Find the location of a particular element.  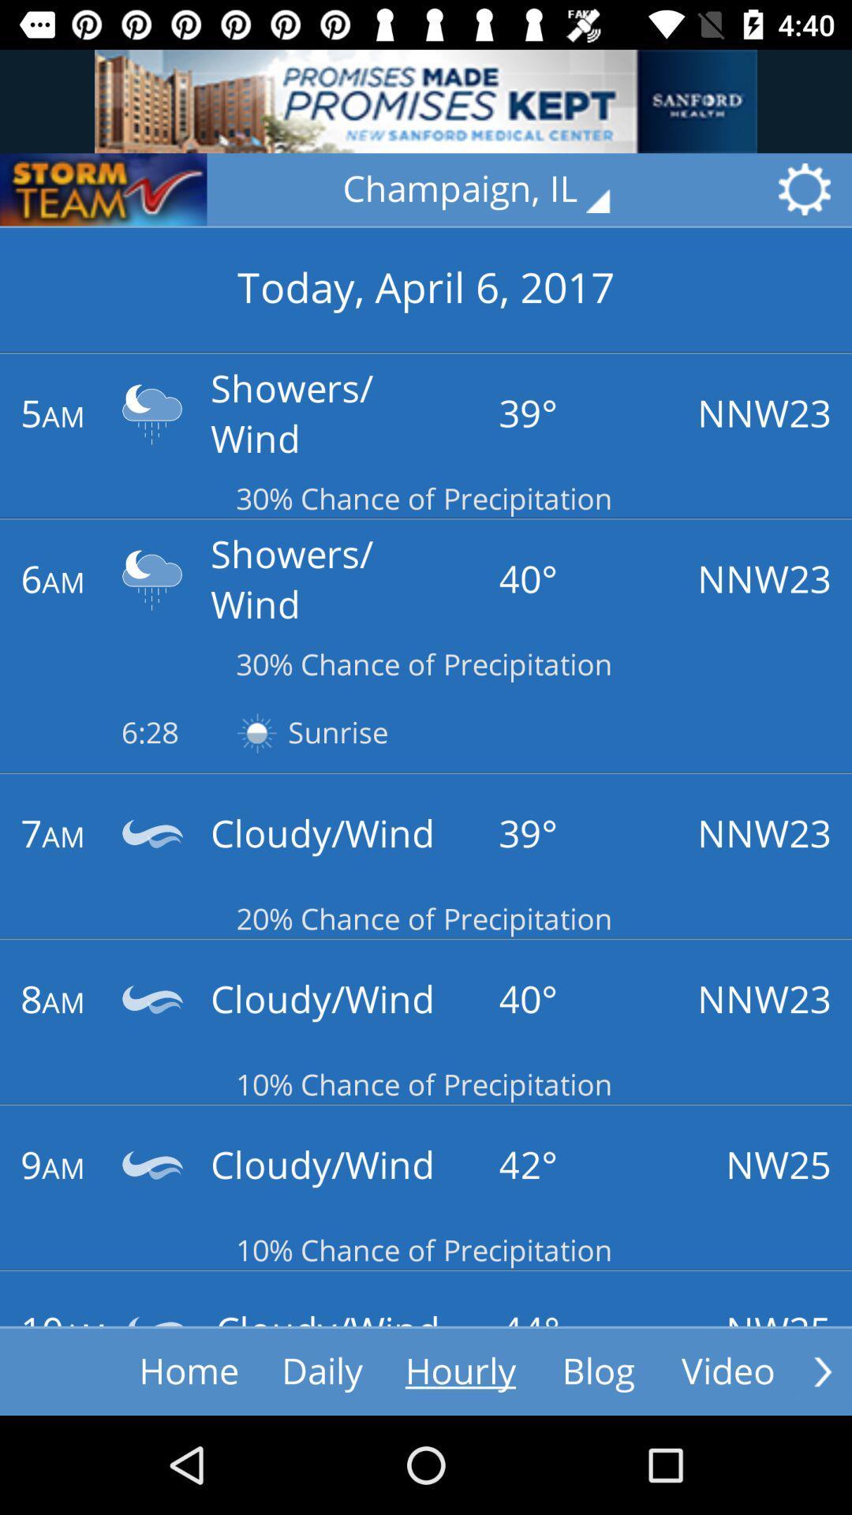

next page is located at coordinates (822, 1371).